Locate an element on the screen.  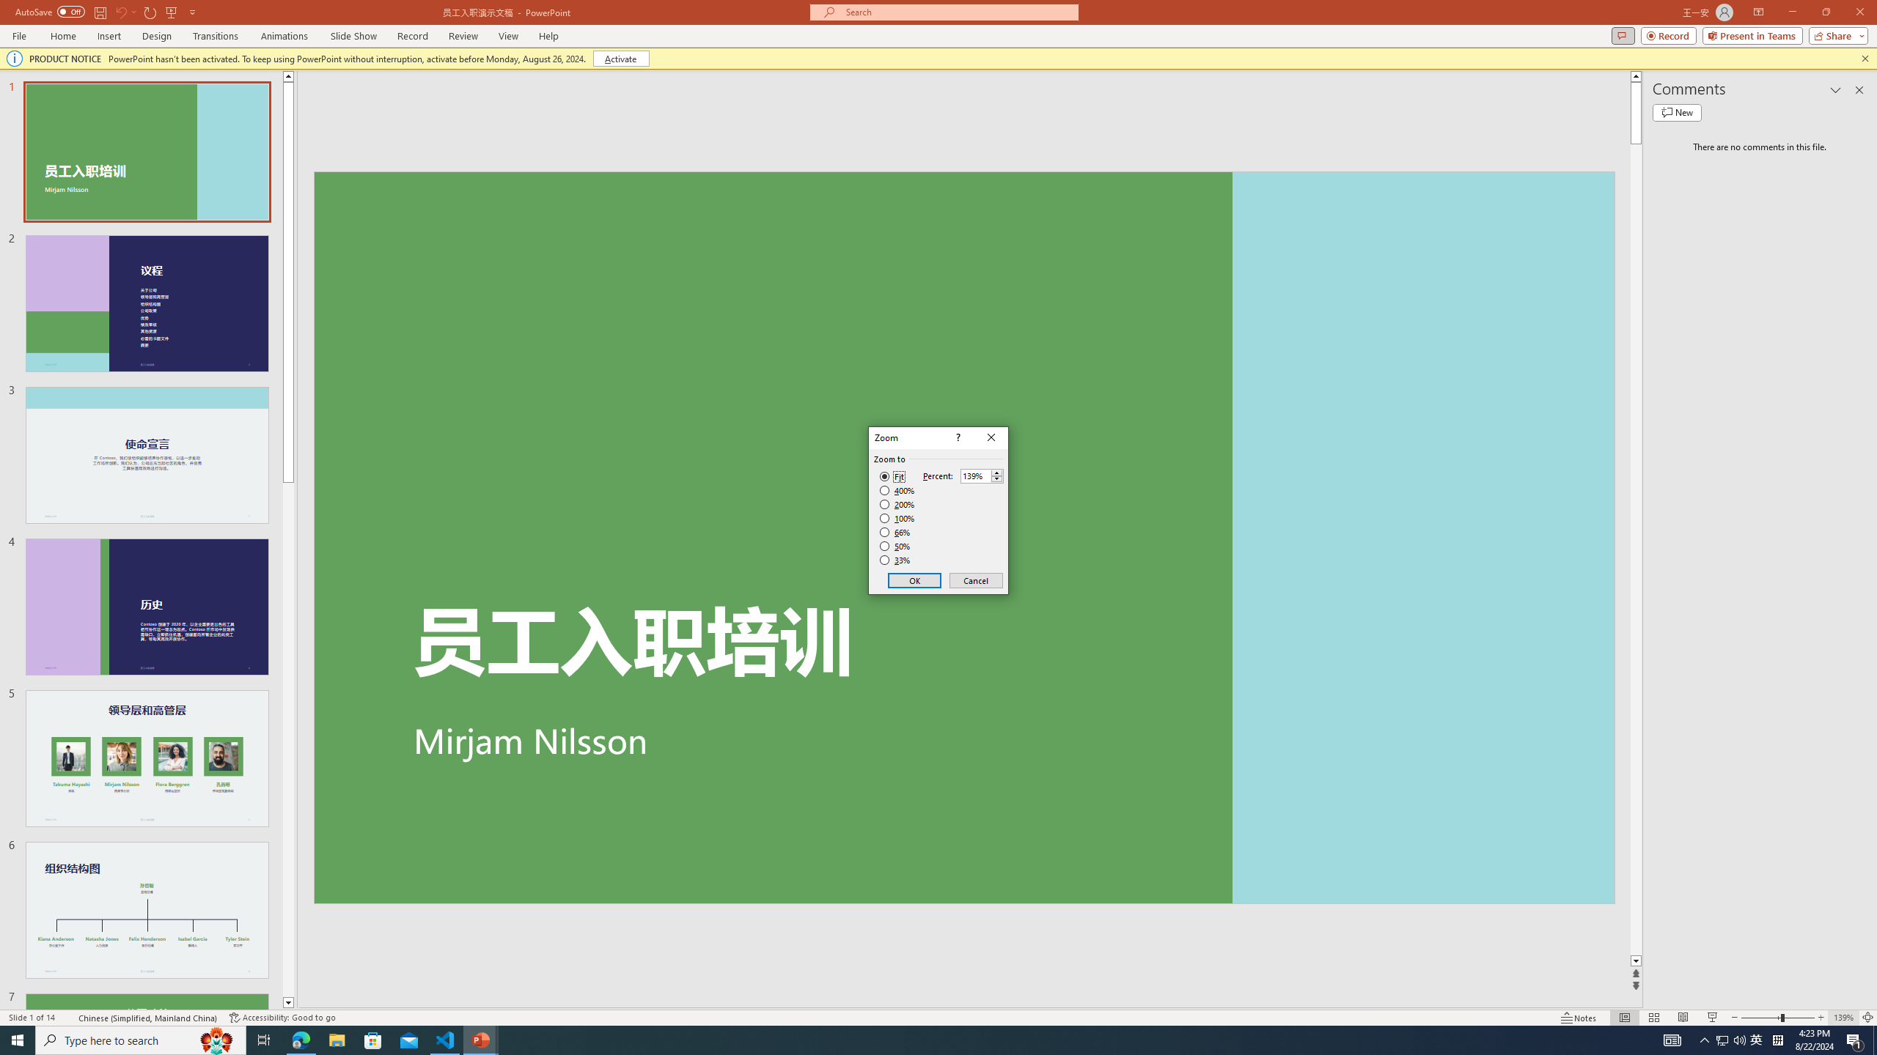
'Insert' is located at coordinates (108, 36).